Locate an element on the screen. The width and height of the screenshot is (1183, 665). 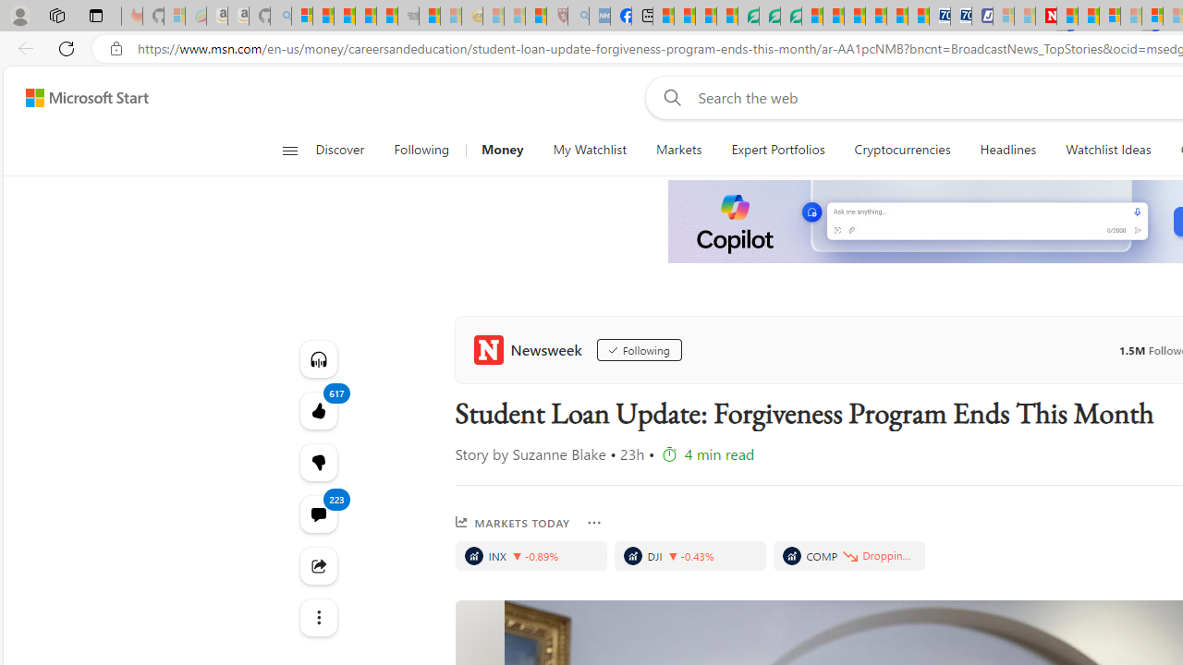
'Cheap Car Rentals - Save70.com' is located at coordinates (939, 16).